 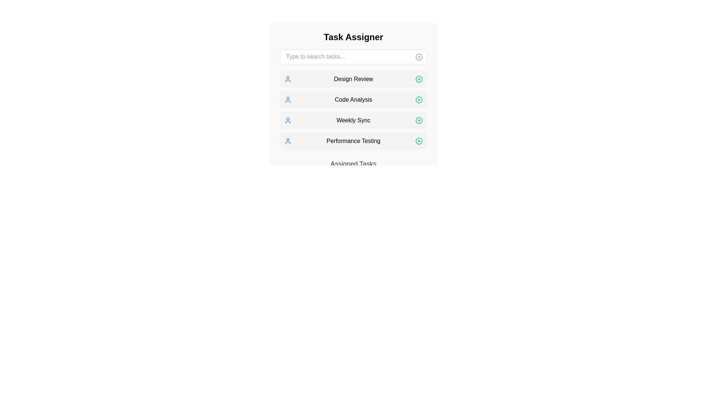 What do you see at coordinates (353, 99) in the screenshot?
I see `the 'Code Analysis' button` at bounding box center [353, 99].